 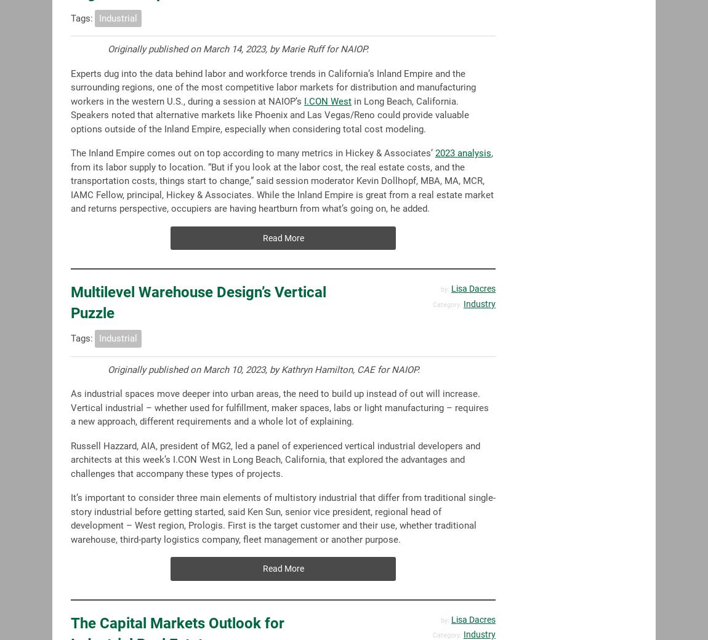 I want to click on 'As industrial spaces move deeper into urban areas, the need to build up instead of out will increase. Vertical industrial – whether used for fulfillment, maker spaces, labs or light manufacturing – requires a new approach, different requirements and a whole lot of explaining.', so click(x=280, y=407).